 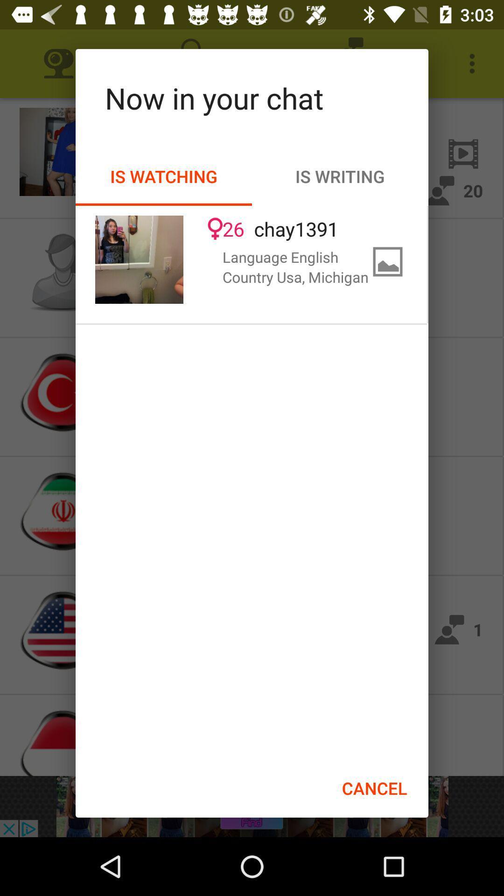 What do you see at coordinates (139, 259) in the screenshot?
I see `profile` at bounding box center [139, 259].